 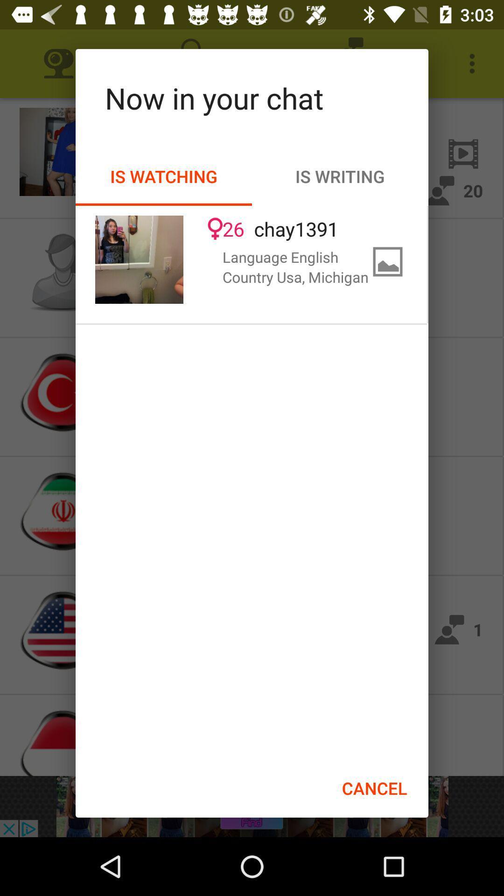 What do you see at coordinates (139, 259) in the screenshot?
I see `profile` at bounding box center [139, 259].